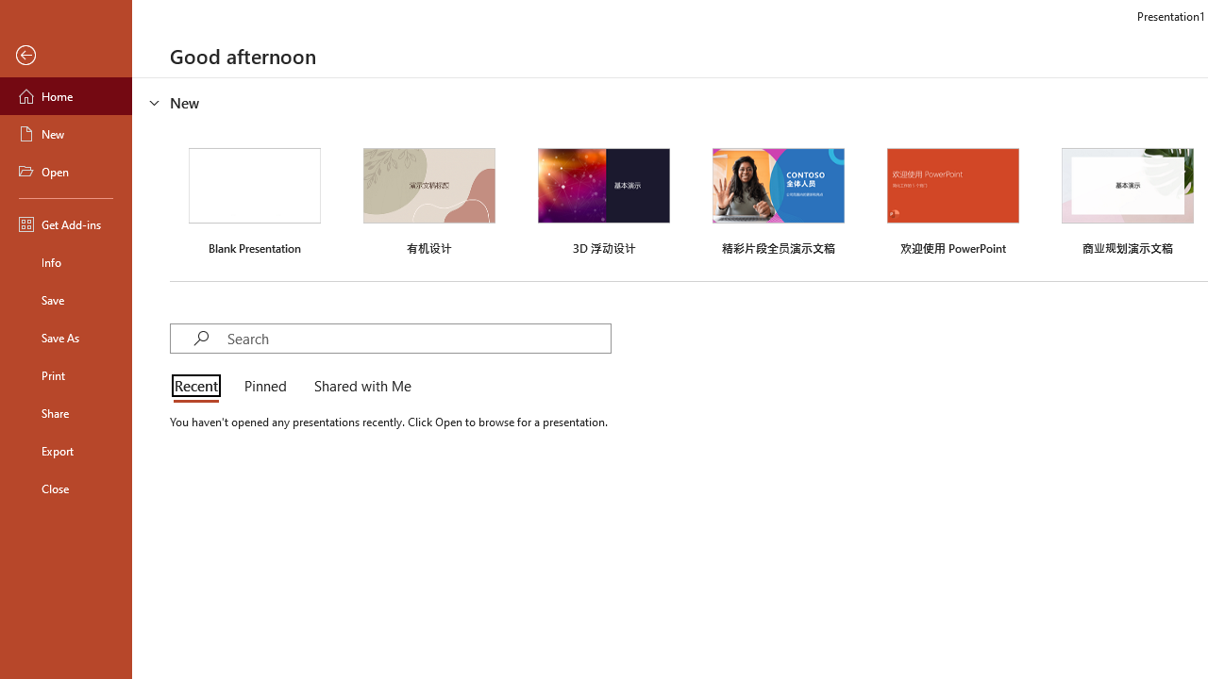 The height and width of the screenshot is (679, 1208). What do you see at coordinates (65, 132) in the screenshot?
I see `'New'` at bounding box center [65, 132].